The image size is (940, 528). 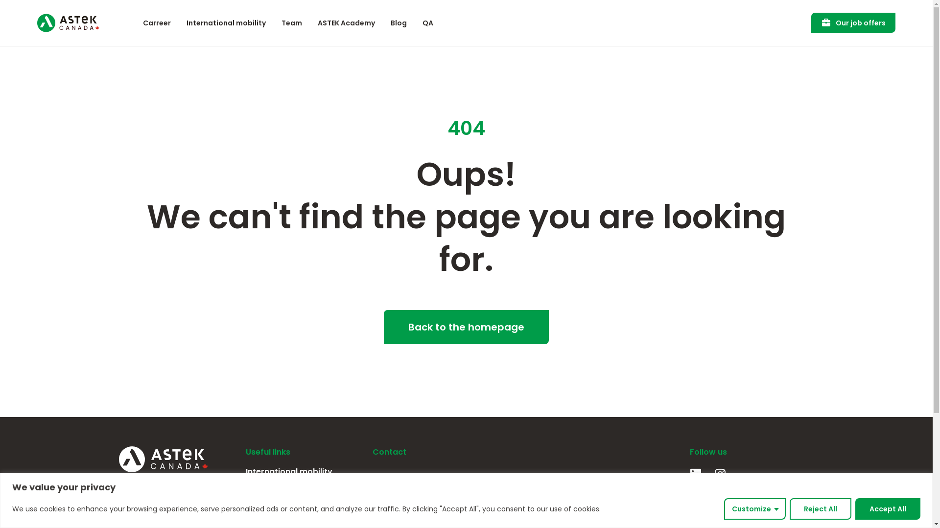 I want to click on 'Team', so click(x=246, y=489).